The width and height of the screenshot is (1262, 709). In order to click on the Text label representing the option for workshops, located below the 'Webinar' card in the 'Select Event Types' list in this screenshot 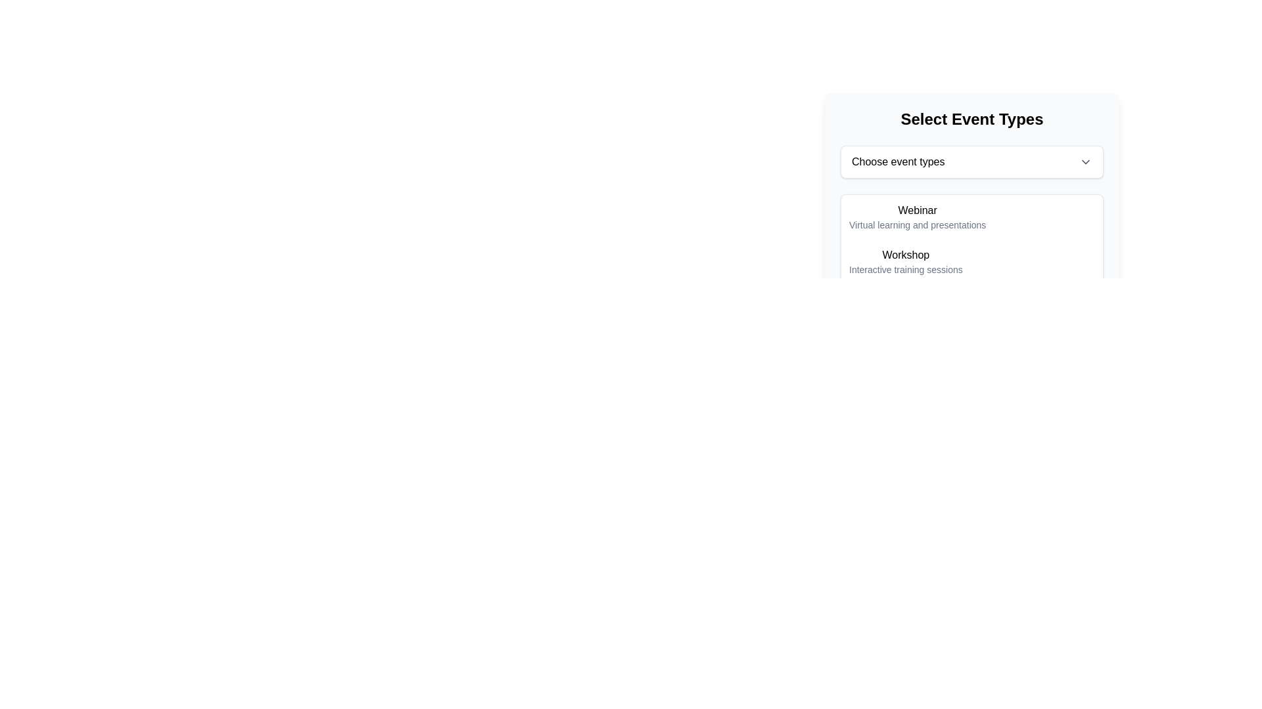, I will do `click(905, 261)`.